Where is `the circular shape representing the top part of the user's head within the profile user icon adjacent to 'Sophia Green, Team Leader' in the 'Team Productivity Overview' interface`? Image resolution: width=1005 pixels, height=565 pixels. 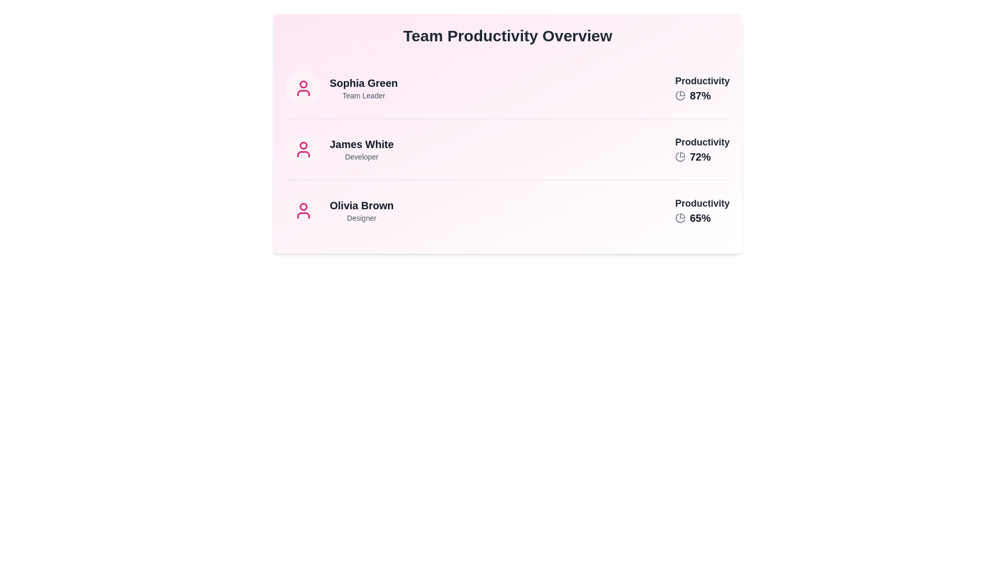
the circular shape representing the top part of the user's head within the profile user icon adjacent to 'Sophia Green, Team Leader' in the 'Team Productivity Overview' interface is located at coordinates (303, 84).